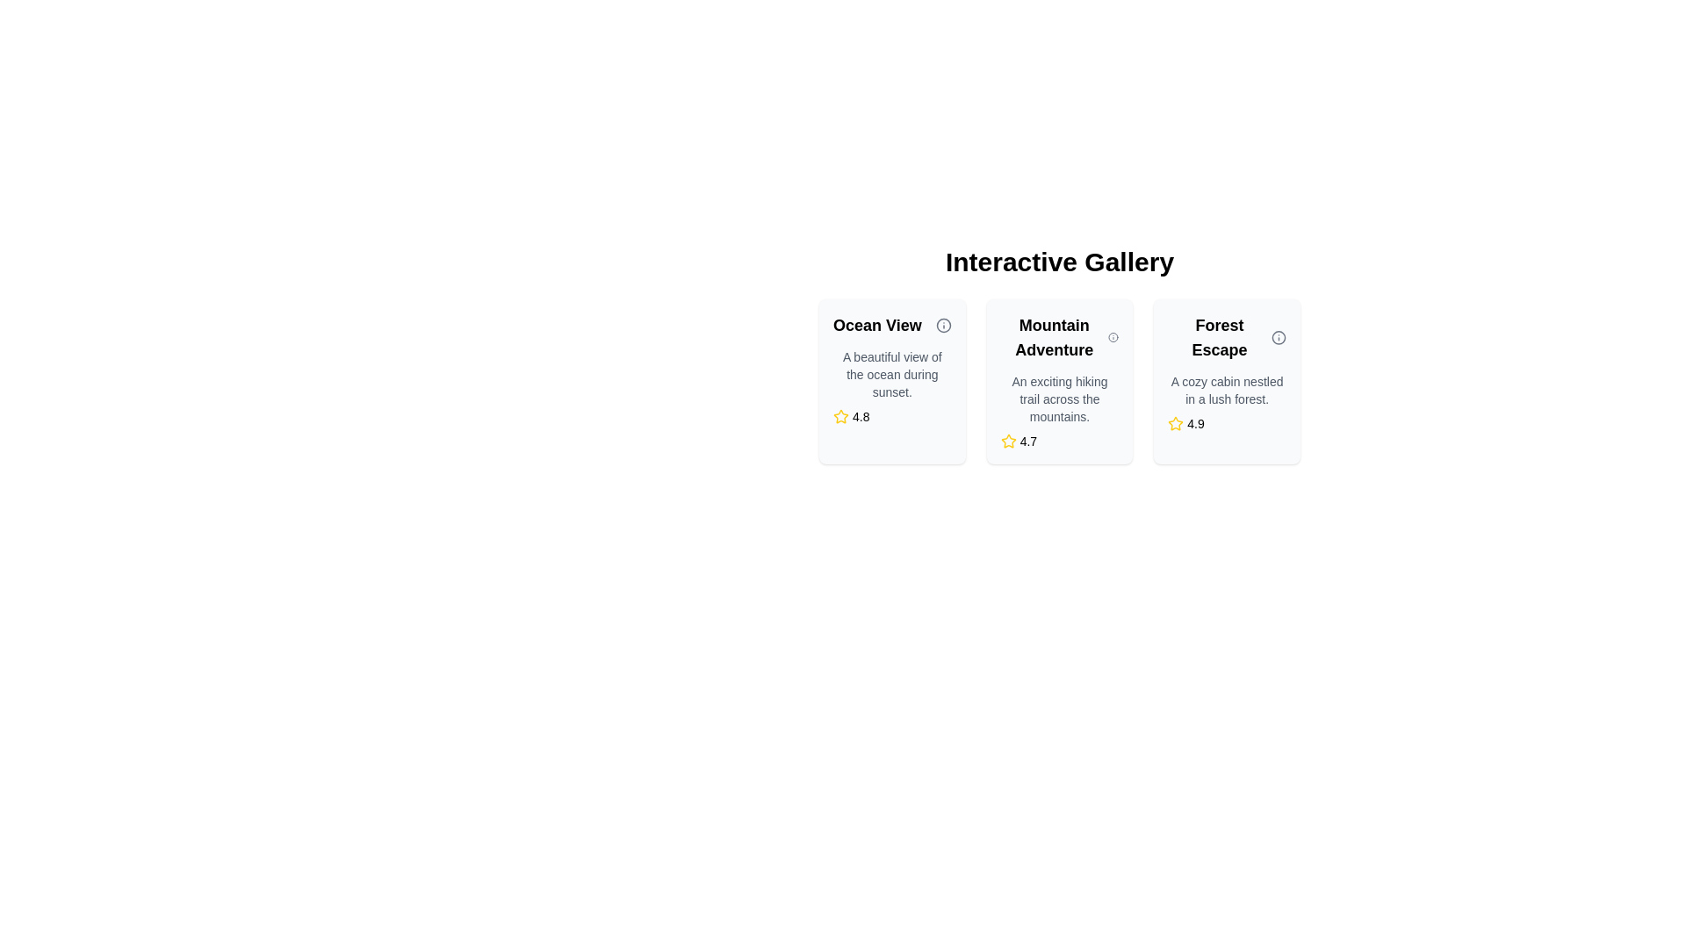 Image resolution: width=1686 pixels, height=948 pixels. I want to click on the informational icon element located to the right of the 'Forest Escape' text, which serves as a tooltip trigger for additional information, so click(1279, 338).